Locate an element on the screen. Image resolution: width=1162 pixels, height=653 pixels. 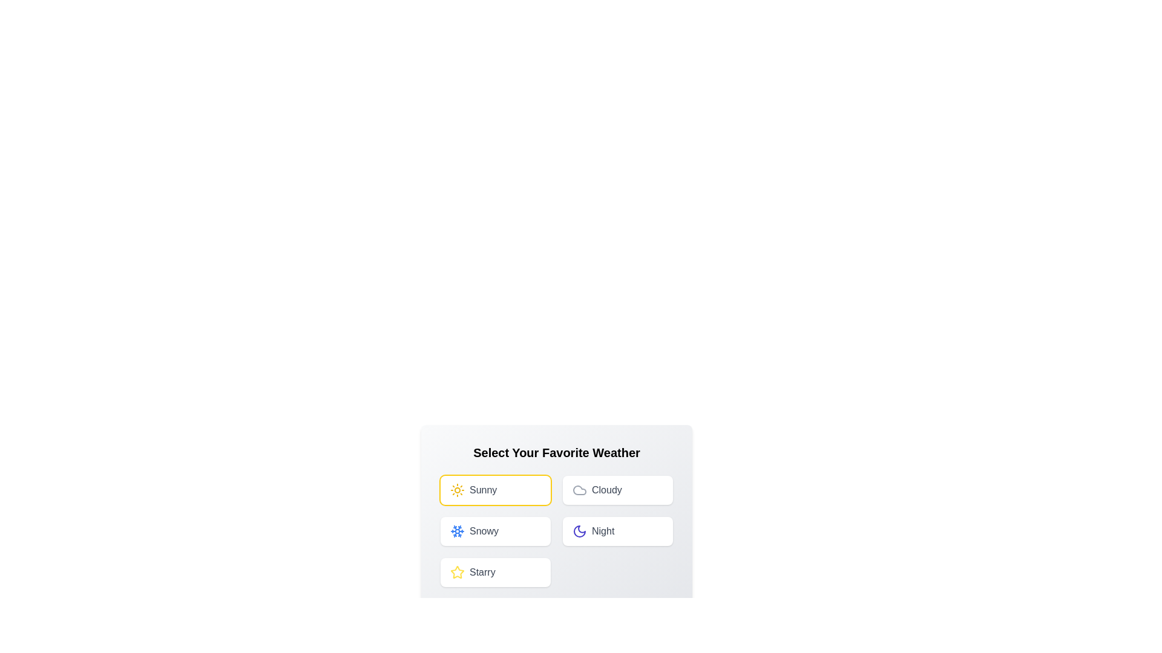
text from the 'Snowy' weather choice label, which is styled with a medium-sized gray font and located in the second column of the first row of weather options is located at coordinates (484, 531).